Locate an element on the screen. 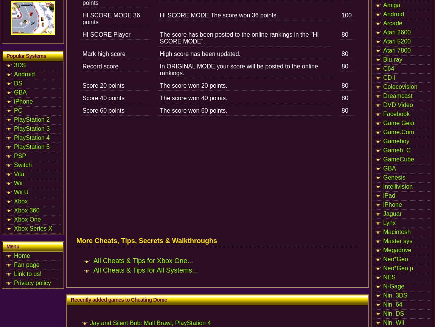 The width and height of the screenshot is (435, 327). 'Mark high score' is located at coordinates (103, 54).